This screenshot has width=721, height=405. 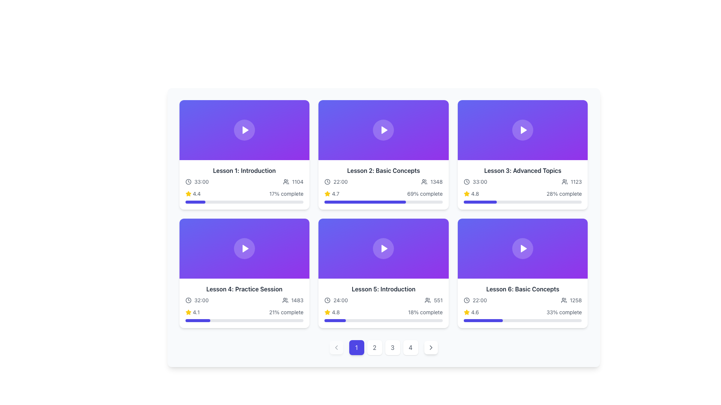 What do you see at coordinates (385, 130) in the screenshot?
I see `the play button for 'Lesson 2: Basic Concepts' to possibly see playback options or animations` at bounding box center [385, 130].